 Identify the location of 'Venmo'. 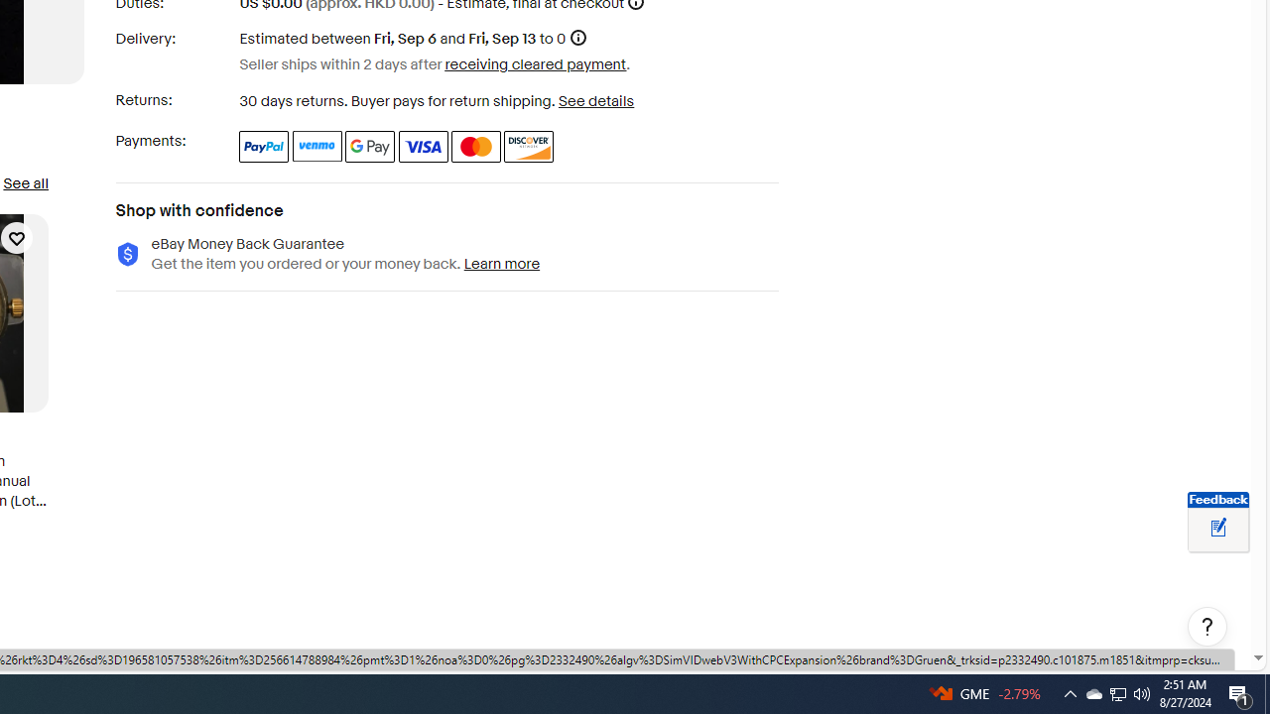
(317, 145).